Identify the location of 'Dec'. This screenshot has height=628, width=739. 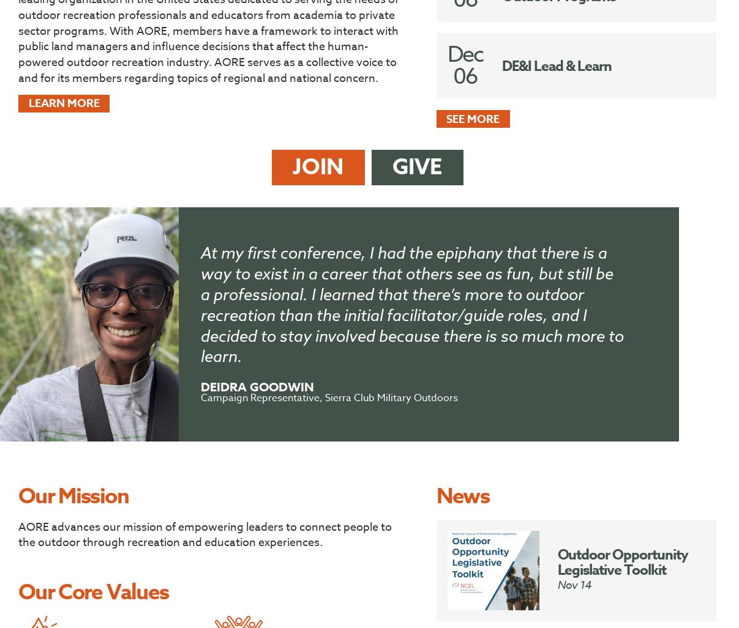
(465, 54).